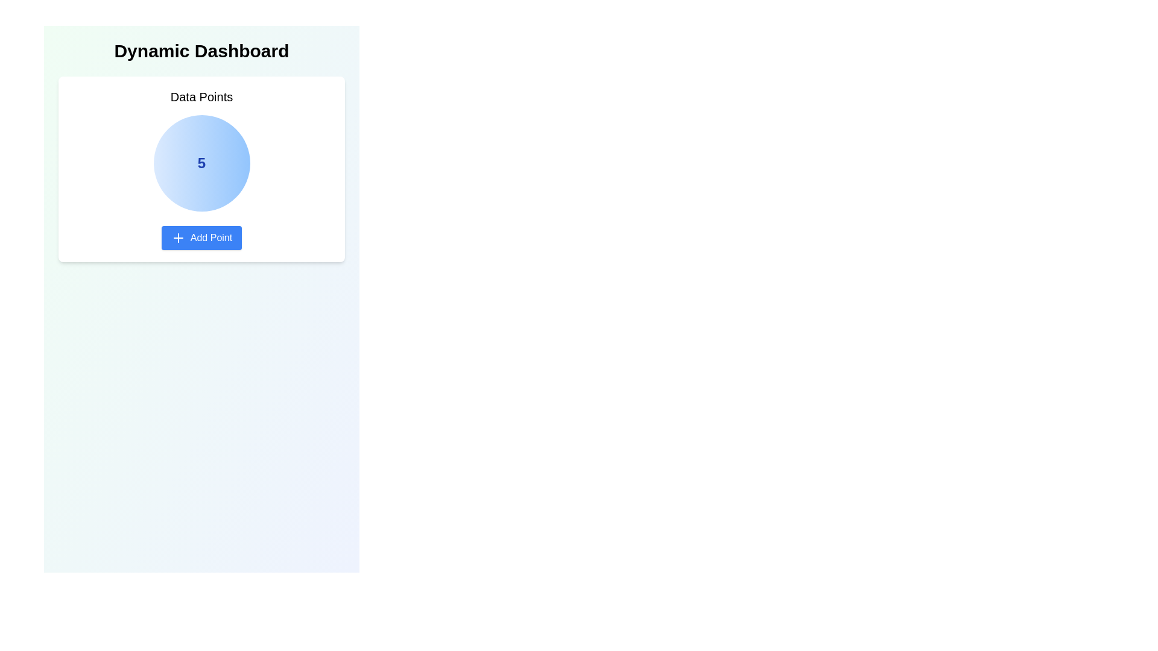 Image resolution: width=1158 pixels, height=651 pixels. What do you see at coordinates (201, 163) in the screenshot?
I see `the visual badge displaying a numerical value located within the 'Data Points' card, centered above the 'Add Point' button` at bounding box center [201, 163].